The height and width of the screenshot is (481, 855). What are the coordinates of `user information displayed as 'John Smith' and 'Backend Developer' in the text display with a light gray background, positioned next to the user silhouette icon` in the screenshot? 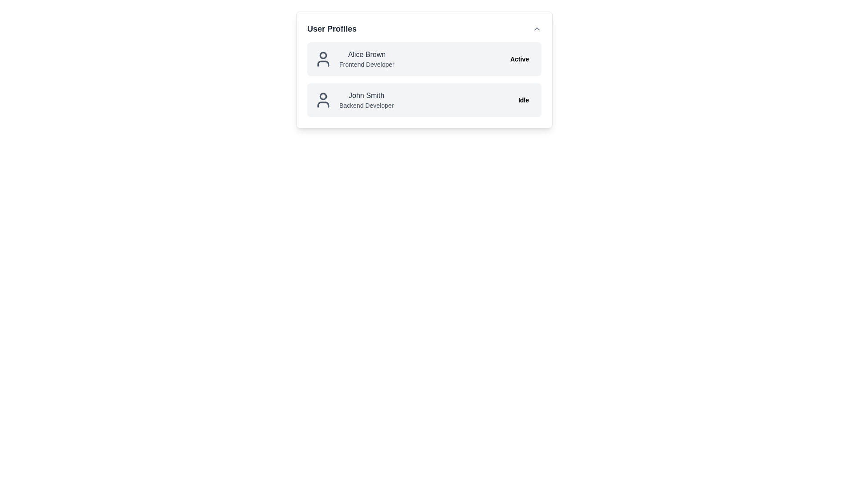 It's located at (366, 100).